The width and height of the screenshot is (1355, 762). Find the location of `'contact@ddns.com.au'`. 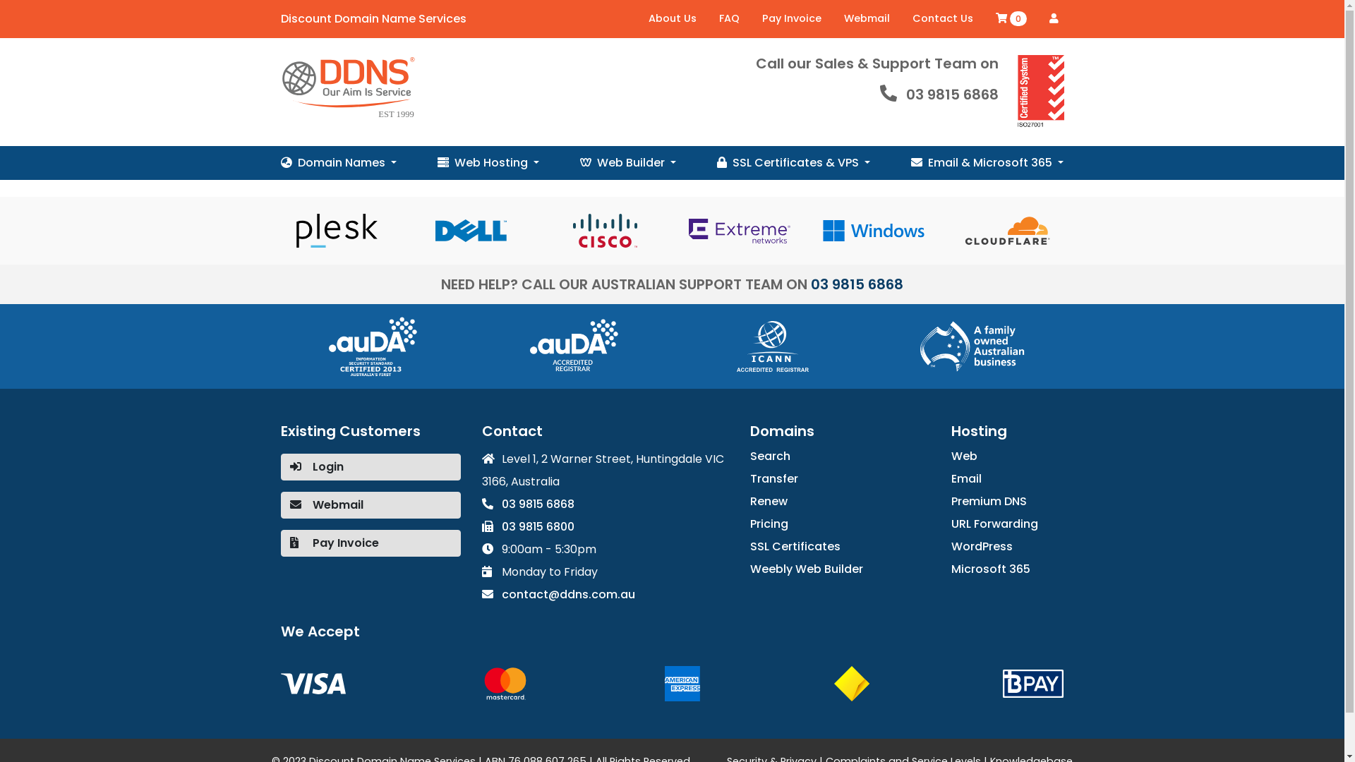

'contact@ddns.com.au' is located at coordinates (605, 595).